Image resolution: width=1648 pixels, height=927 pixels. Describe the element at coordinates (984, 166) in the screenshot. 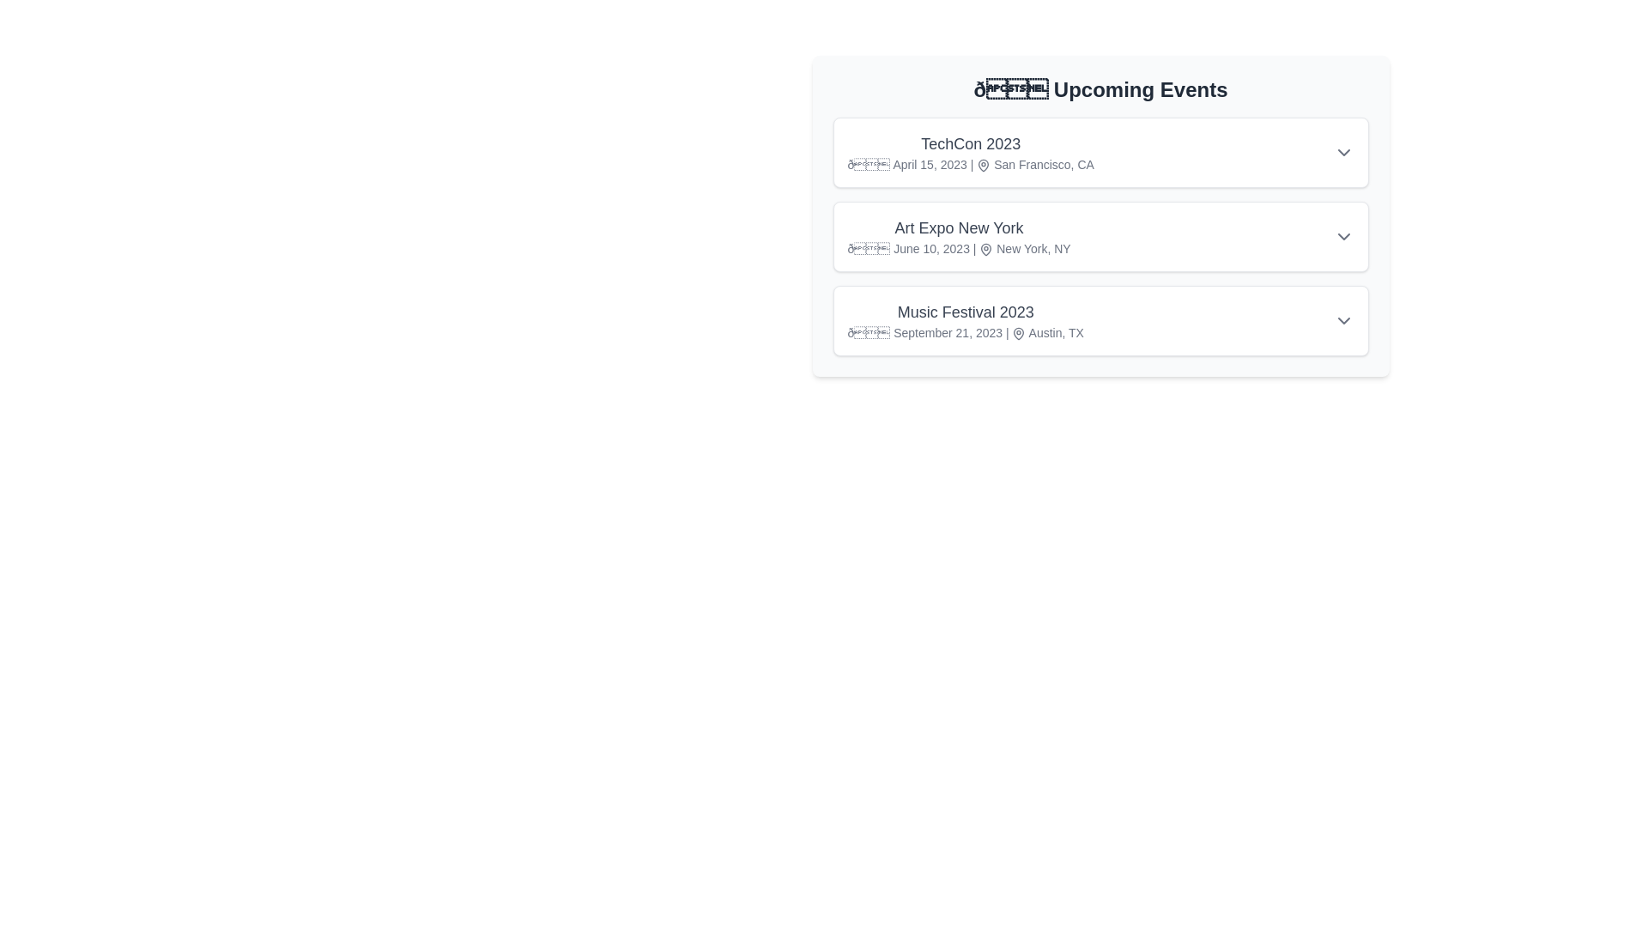

I see `the location icon for the event titled 'TechCon 2023'` at that location.